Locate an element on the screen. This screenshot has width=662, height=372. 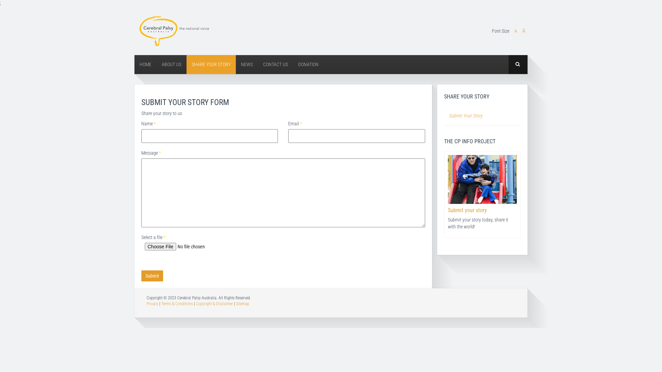
'HOME' is located at coordinates (145, 64).